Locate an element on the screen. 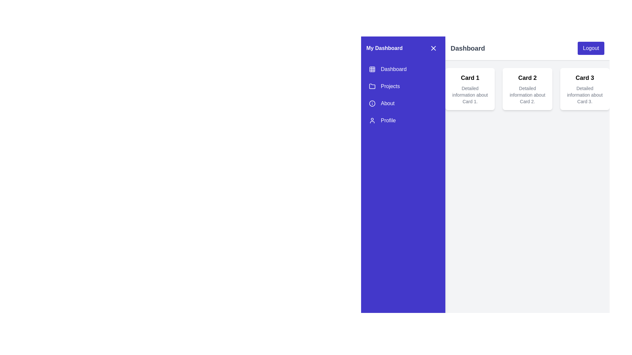 This screenshot has width=632, height=355. the 'Projects' navigation link located as the second item in the vertical navigation list, positioned below 'Dashboard' and above 'About' is located at coordinates (403, 86).